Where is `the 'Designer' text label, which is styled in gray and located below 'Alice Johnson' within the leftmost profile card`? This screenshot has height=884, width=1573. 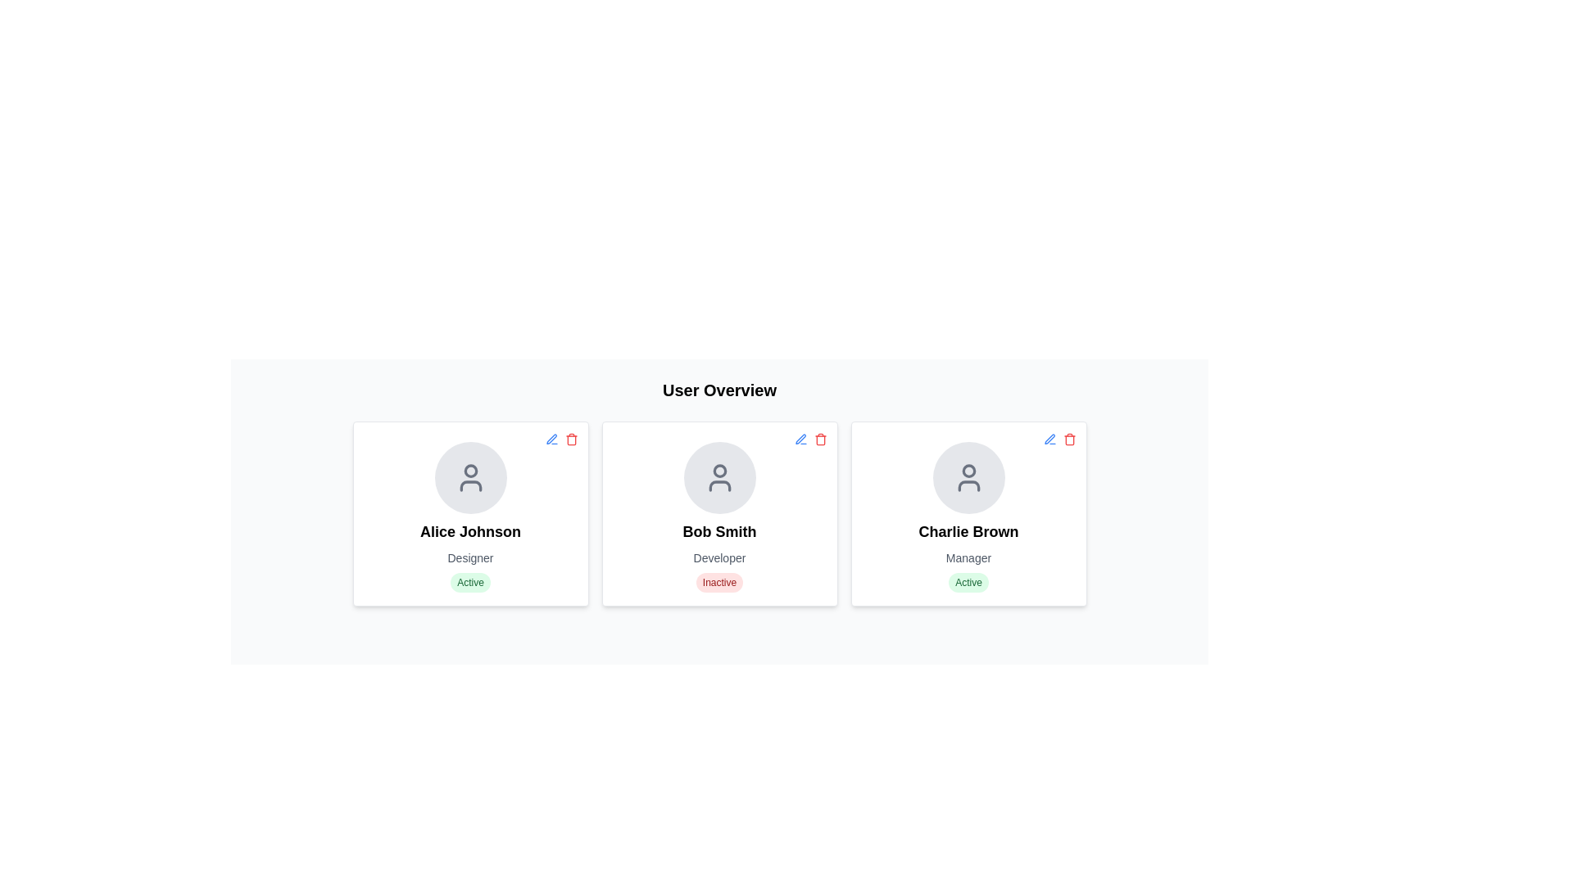 the 'Designer' text label, which is styled in gray and located below 'Alice Johnson' within the leftmost profile card is located at coordinates (469, 557).